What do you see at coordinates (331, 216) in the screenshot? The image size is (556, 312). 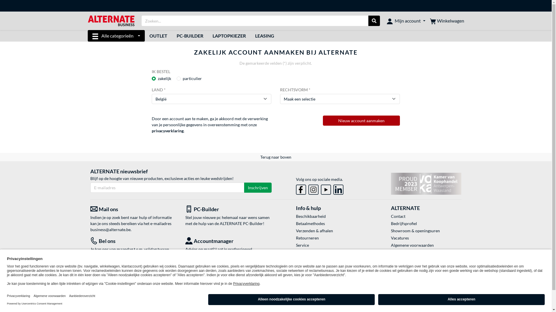 I see `'Beschikbaarheid'` at bounding box center [331, 216].